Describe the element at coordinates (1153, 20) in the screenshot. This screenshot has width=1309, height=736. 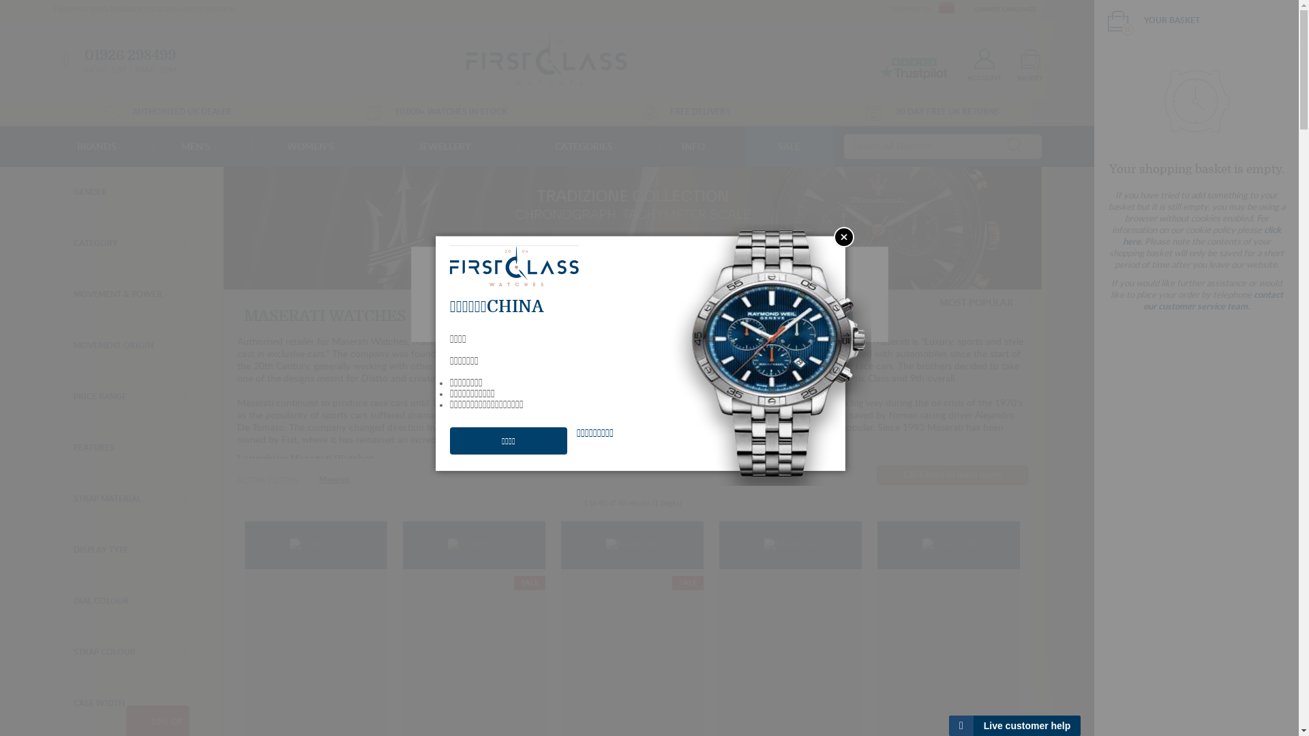
I see `'0` at that location.